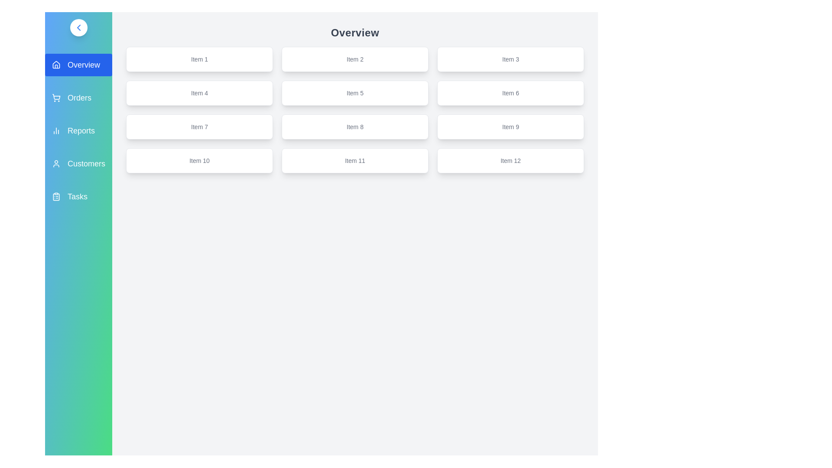  I want to click on the sidebar menu item labeled Orders, so click(78, 97).